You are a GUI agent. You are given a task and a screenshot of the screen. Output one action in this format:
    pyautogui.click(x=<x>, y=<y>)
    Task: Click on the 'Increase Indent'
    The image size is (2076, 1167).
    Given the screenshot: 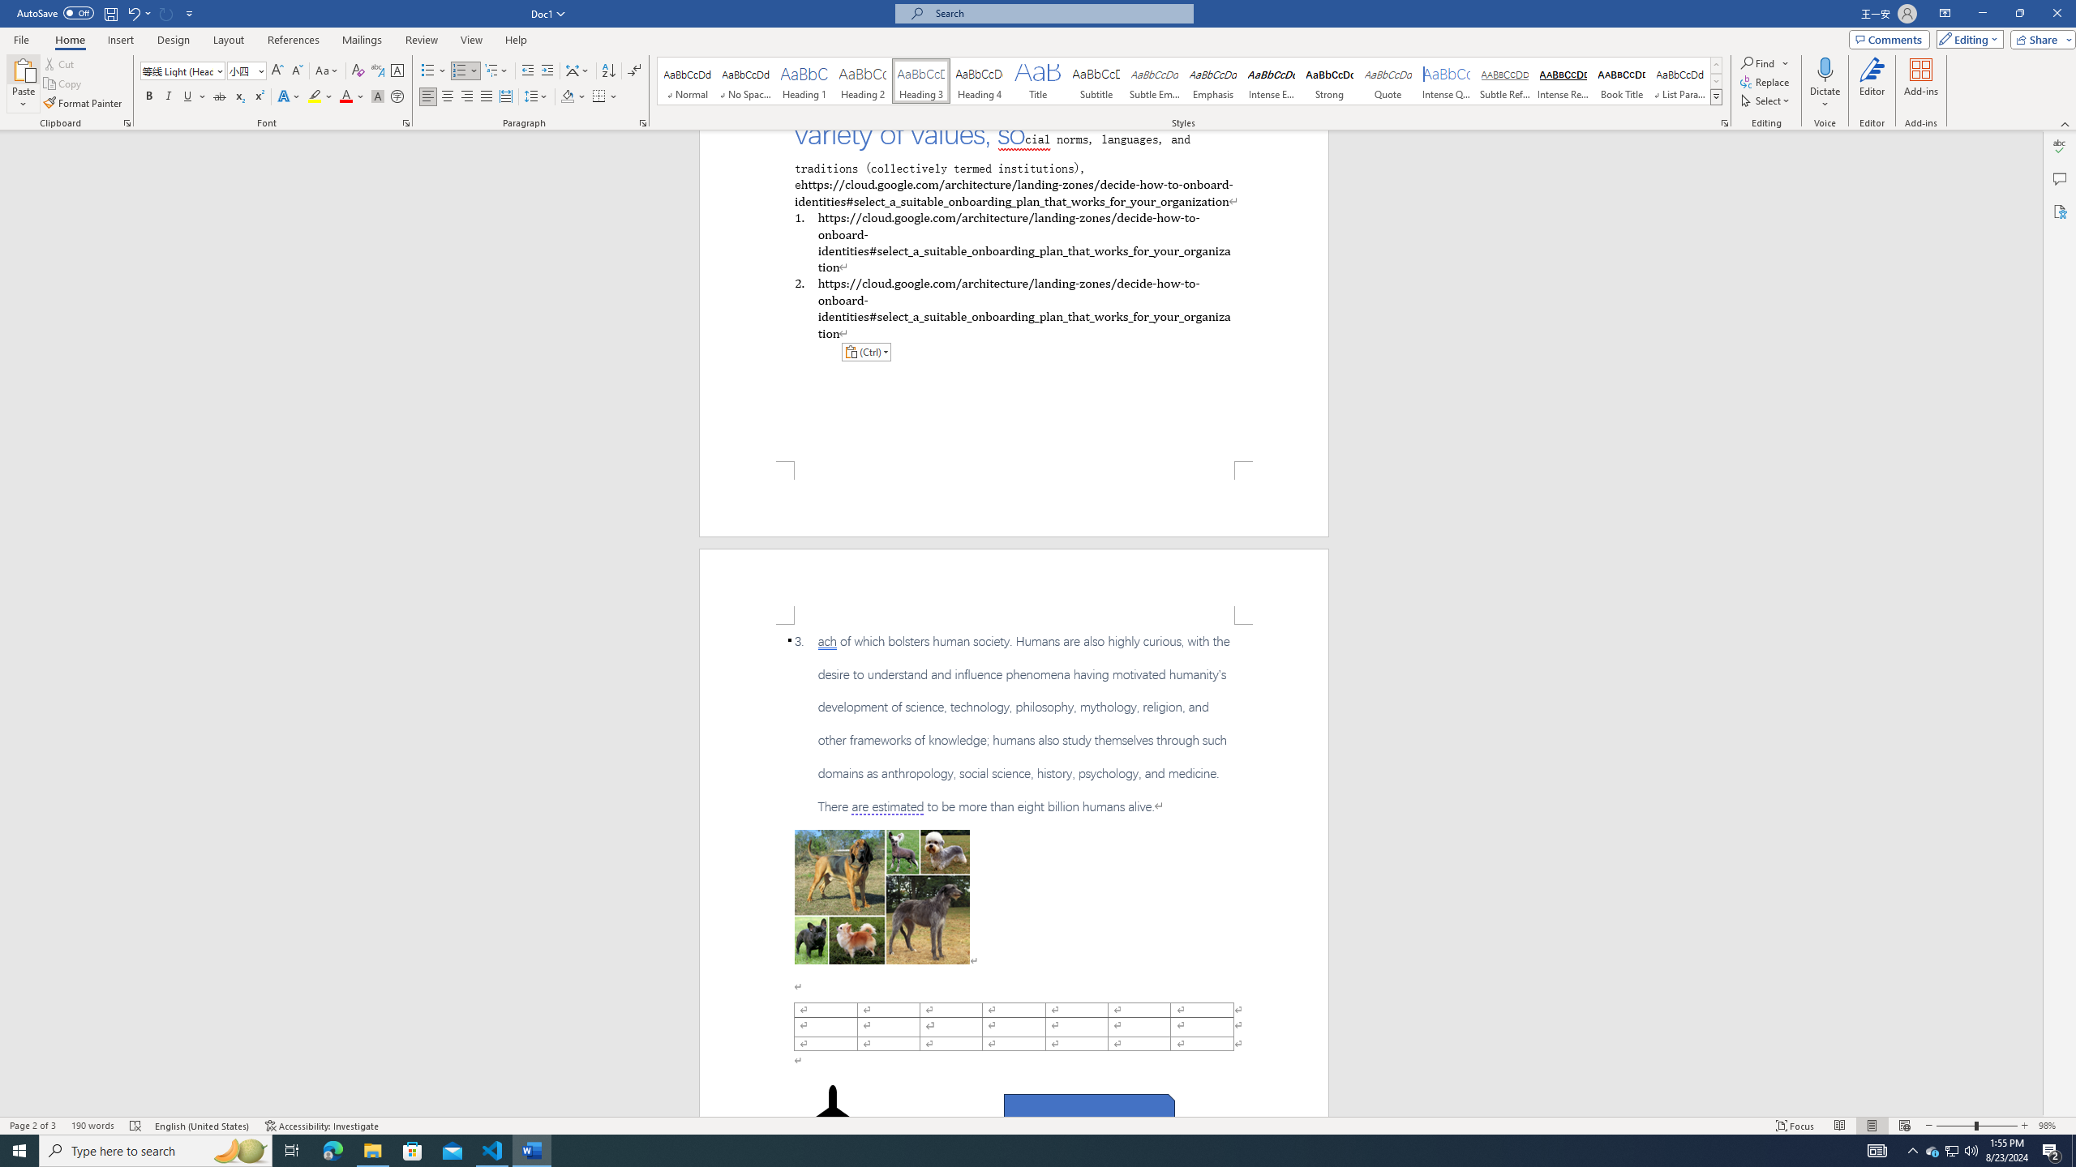 What is the action you would take?
    pyautogui.click(x=546, y=71)
    